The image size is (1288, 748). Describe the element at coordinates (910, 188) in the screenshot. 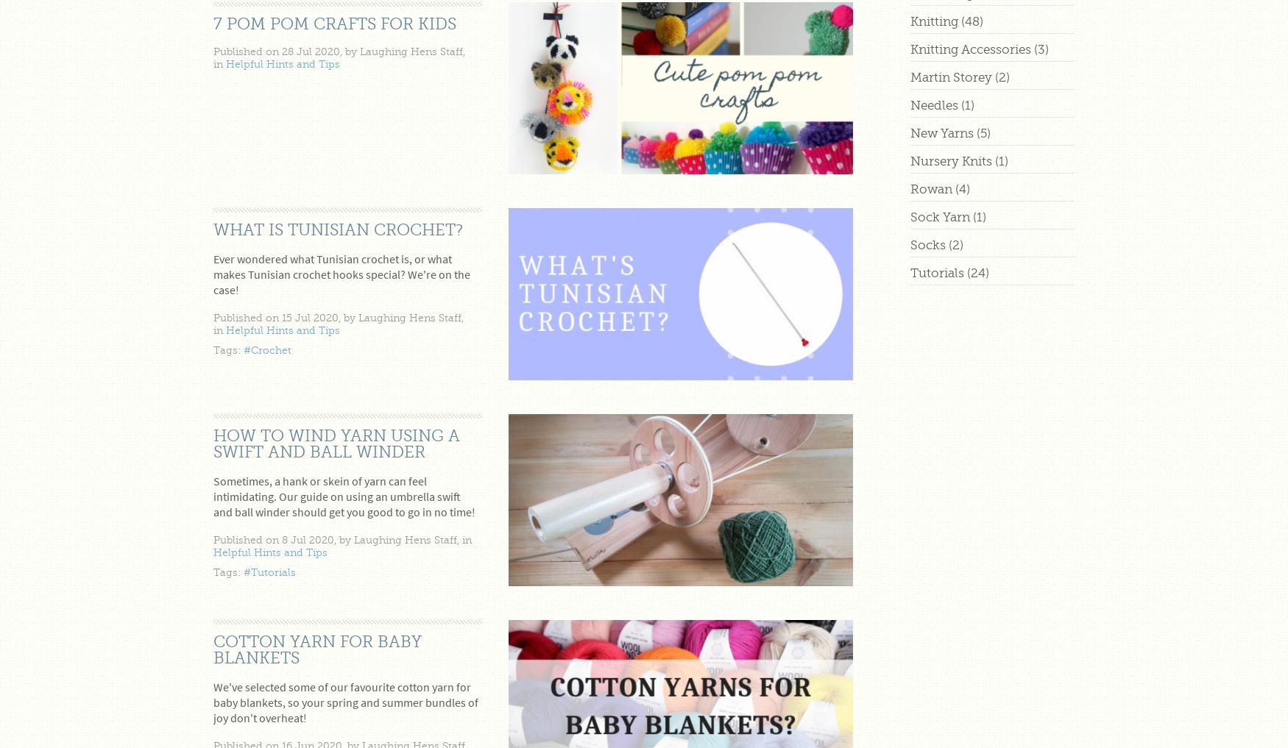

I see `'Rowan'` at that location.